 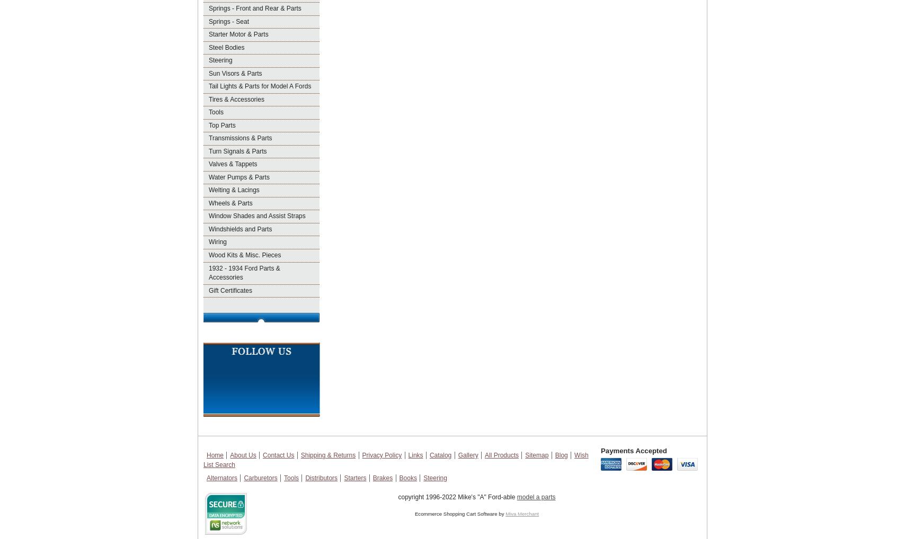 What do you see at coordinates (321, 478) in the screenshot?
I see `'Distributors'` at bounding box center [321, 478].